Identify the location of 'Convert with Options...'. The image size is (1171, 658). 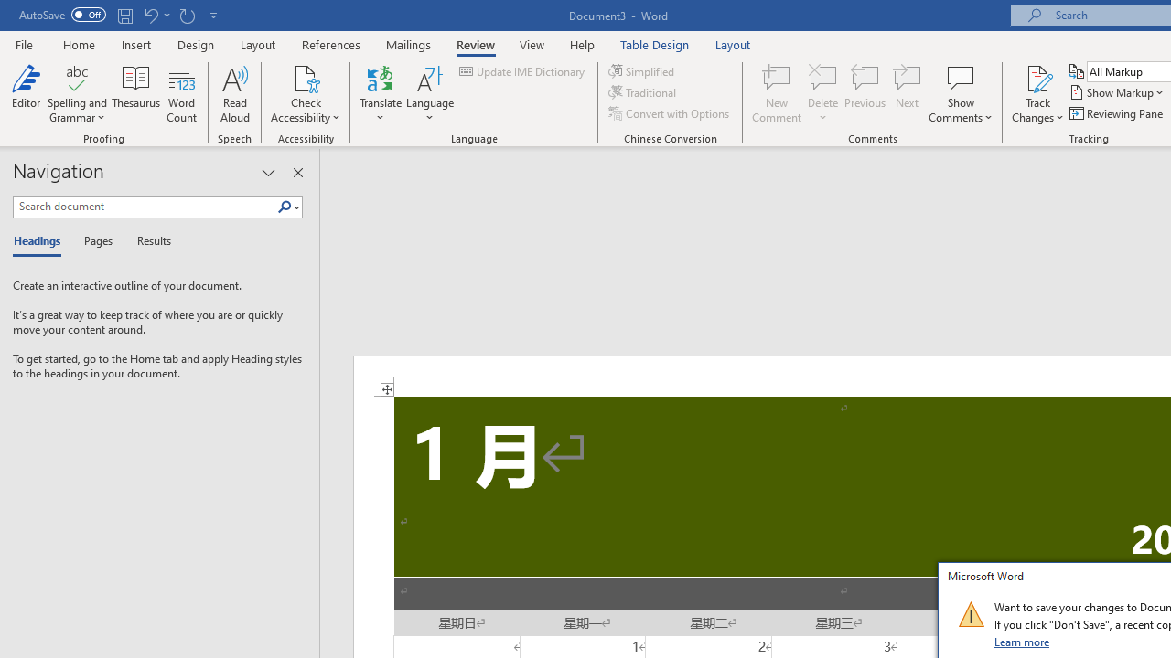
(669, 113).